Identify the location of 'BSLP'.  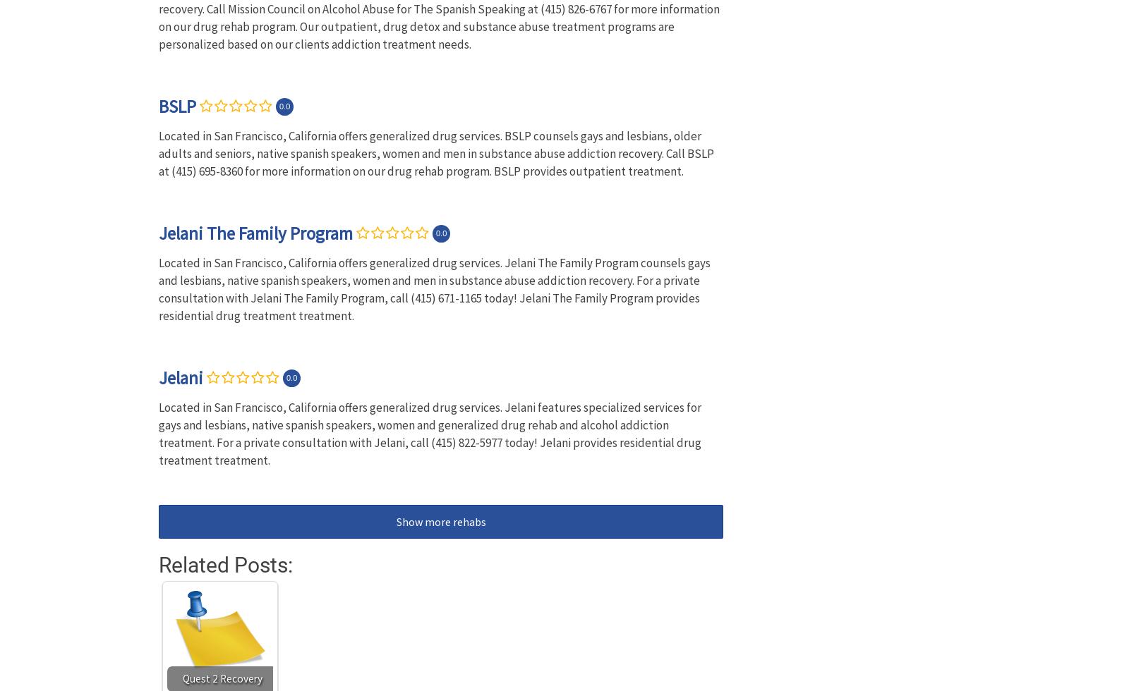
(177, 106).